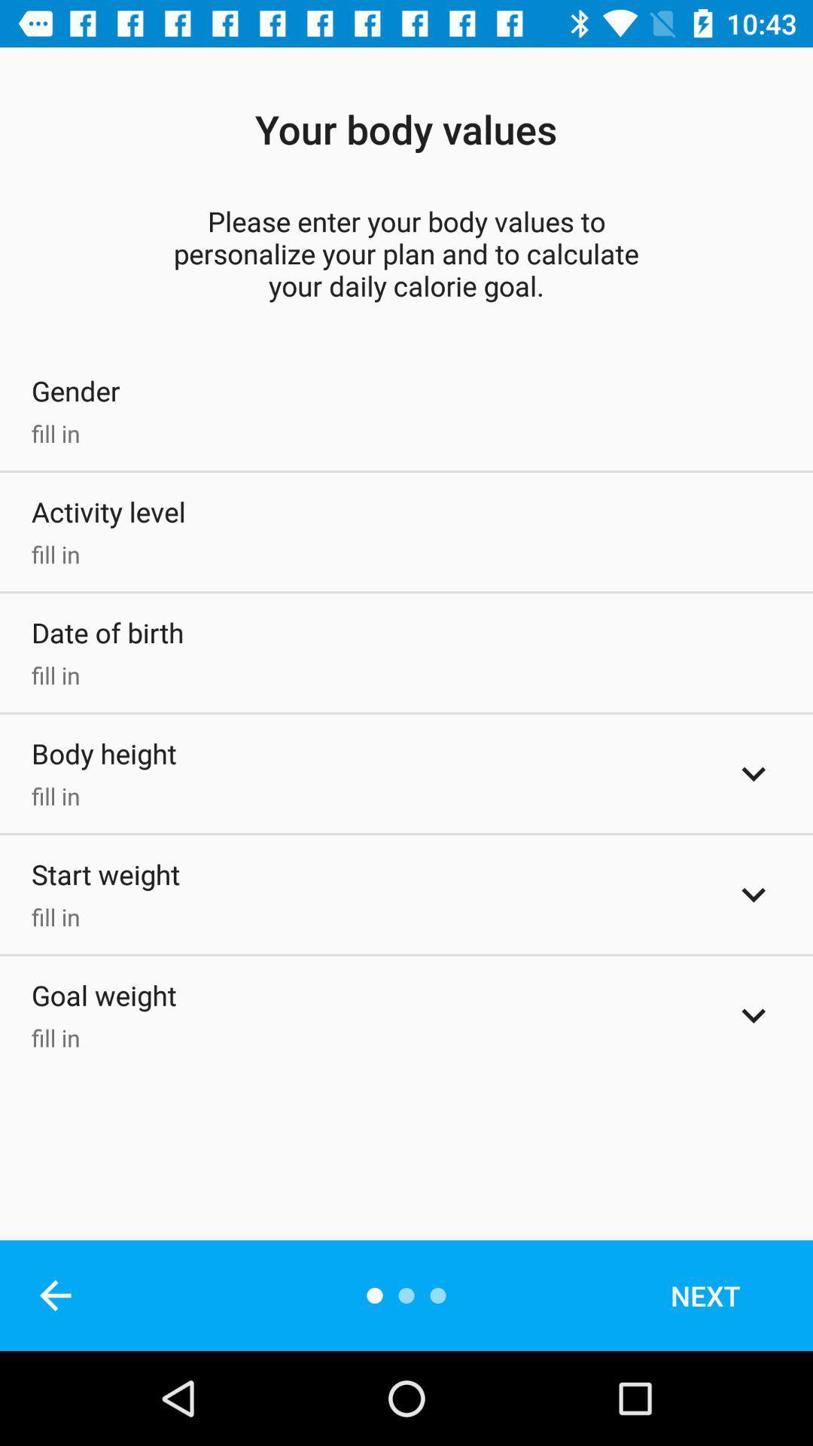  I want to click on the icon below fill in item, so click(54, 1295).